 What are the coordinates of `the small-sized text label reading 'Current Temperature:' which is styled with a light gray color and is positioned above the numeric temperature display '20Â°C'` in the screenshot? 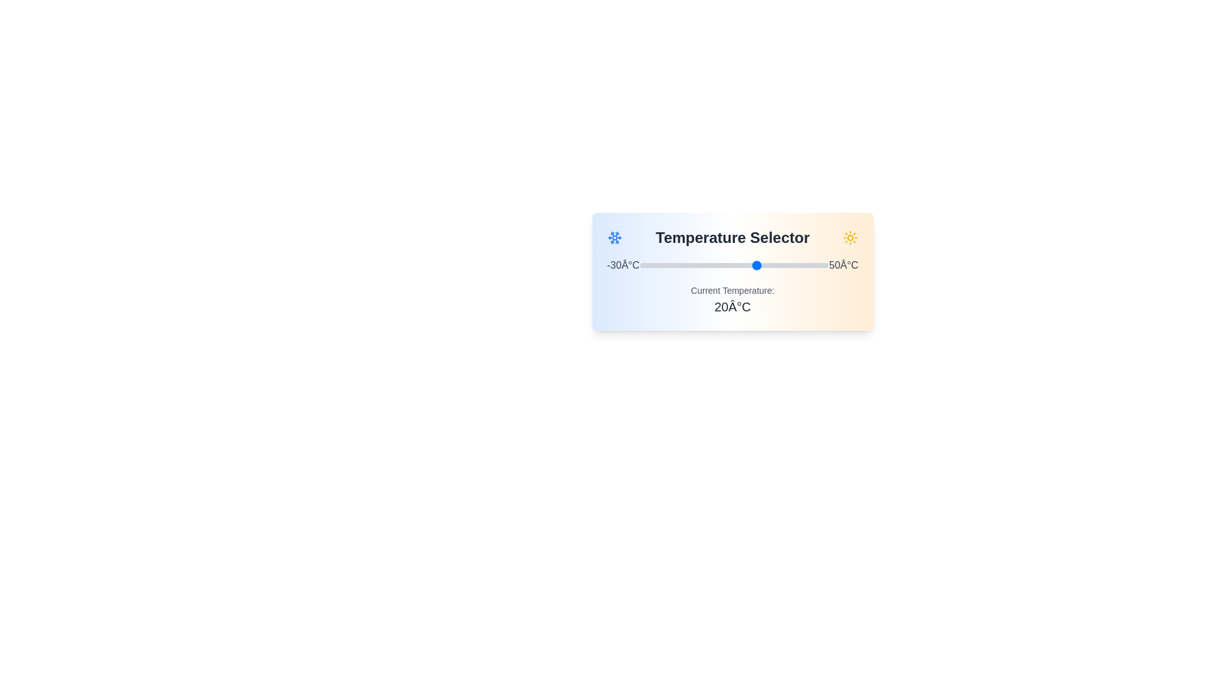 It's located at (732, 290).